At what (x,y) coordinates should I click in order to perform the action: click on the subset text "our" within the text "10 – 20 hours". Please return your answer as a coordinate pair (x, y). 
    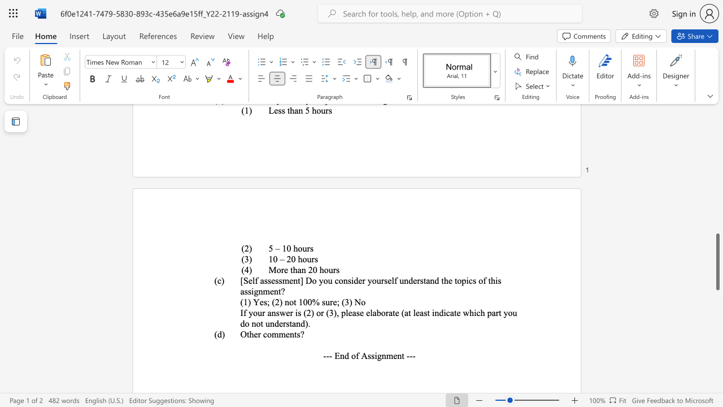
    Looking at the image, I should click on (302, 259).